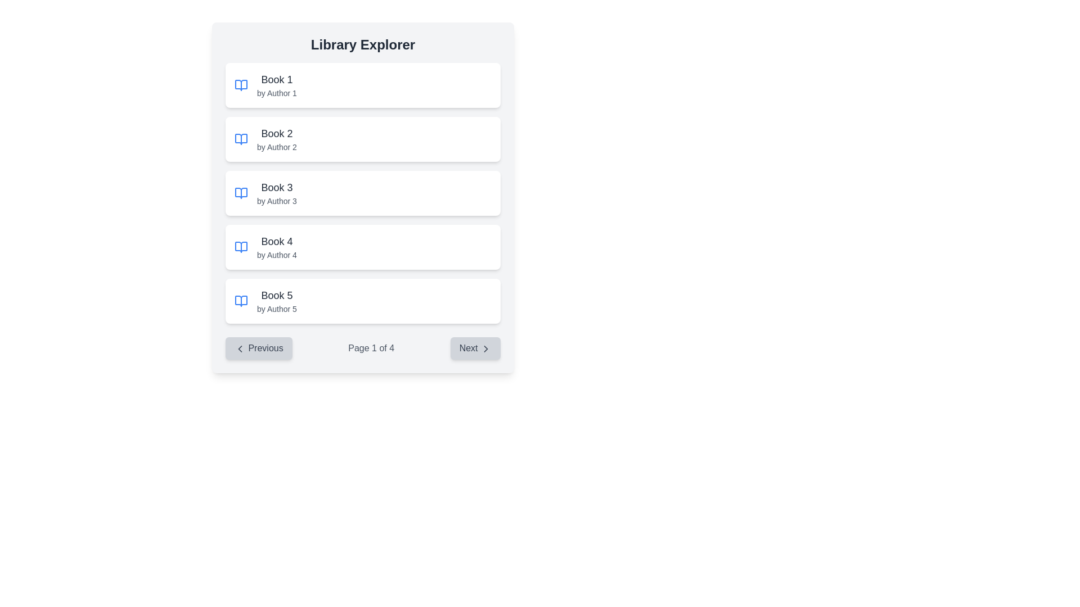  Describe the element at coordinates (240, 348) in the screenshot. I see `the auxiliary icon indicating the 'Previous' button functionality, located at the bottom-left section of the interface near the pagination controls` at that location.